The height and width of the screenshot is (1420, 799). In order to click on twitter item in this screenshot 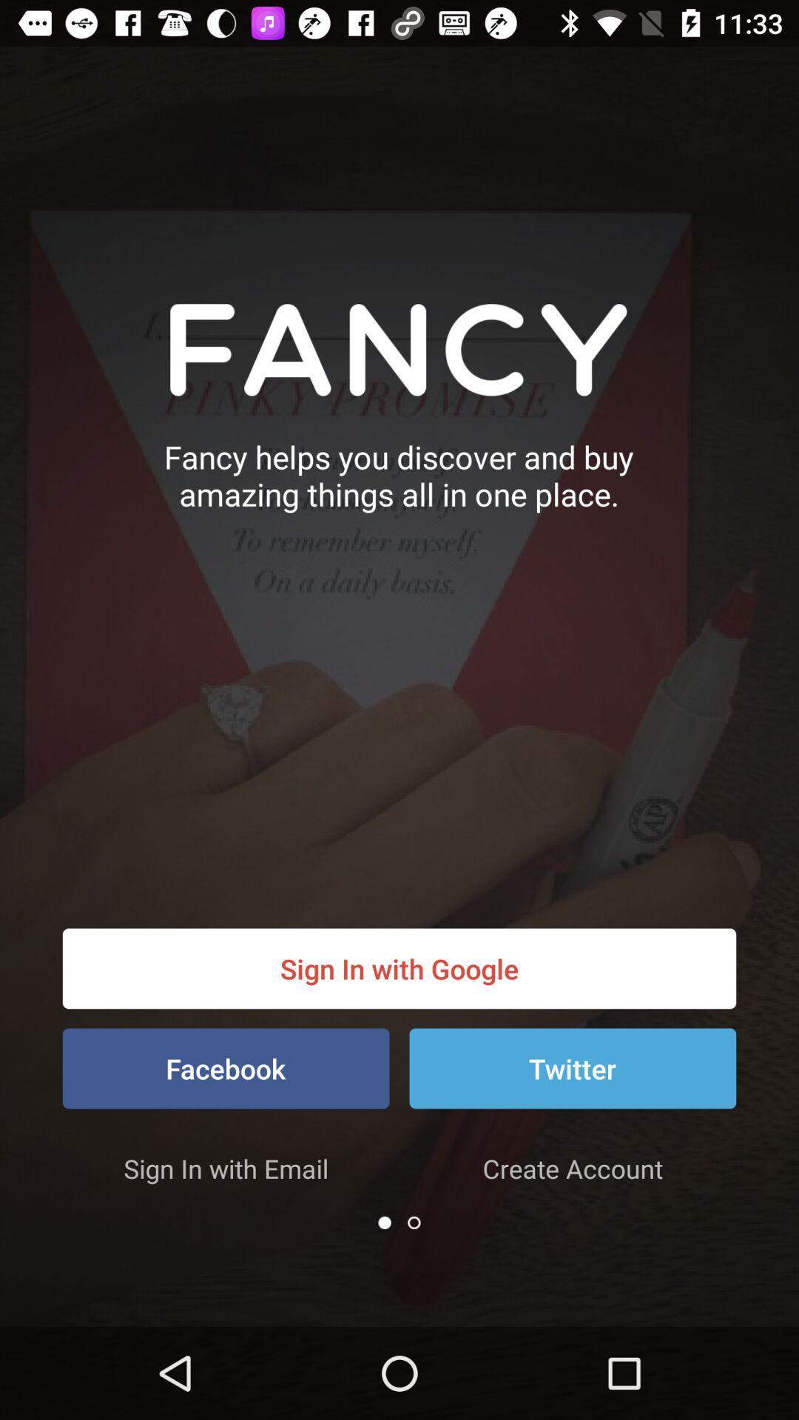, I will do `click(572, 1068)`.